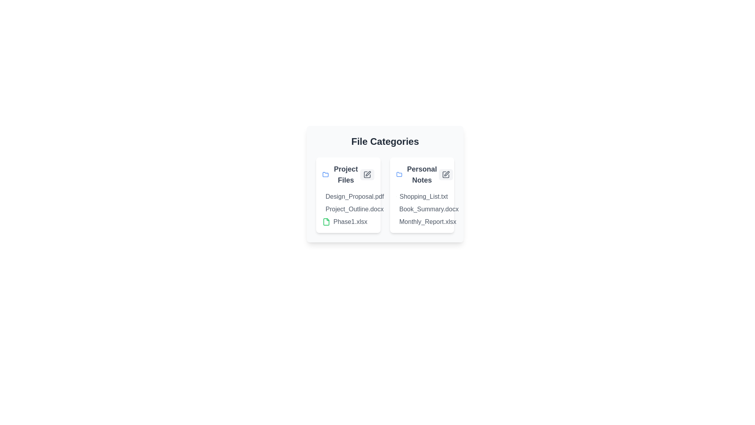 This screenshot has height=425, width=755. I want to click on the document named Monthly_Report.xlsx, so click(412, 222).